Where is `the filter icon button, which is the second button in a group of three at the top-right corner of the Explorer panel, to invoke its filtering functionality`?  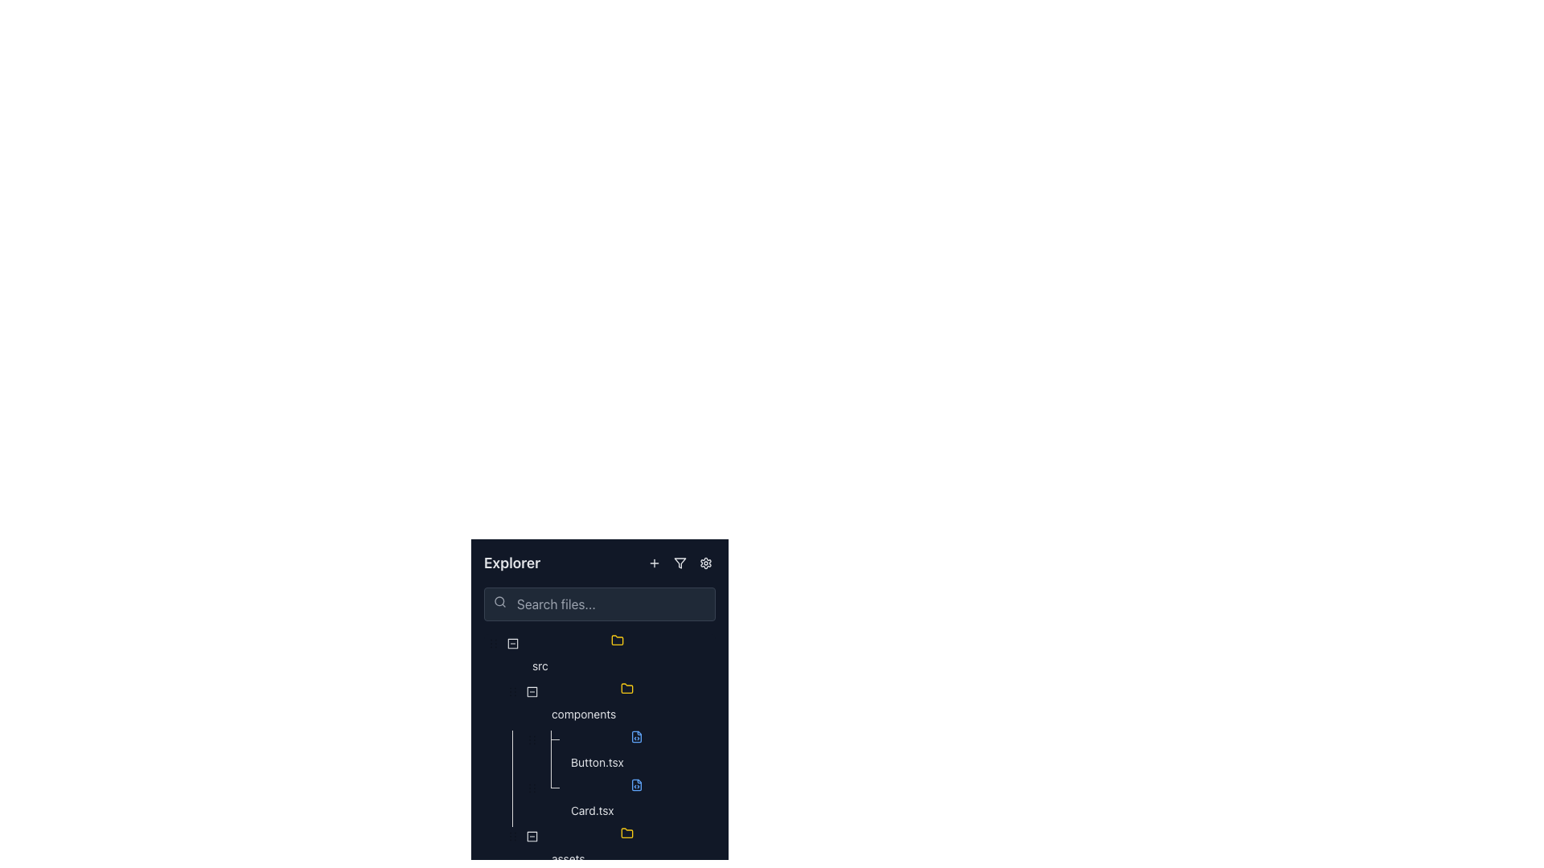 the filter icon button, which is the second button in a group of three at the top-right corner of the Explorer panel, to invoke its filtering functionality is located at coordinates (680, 563).